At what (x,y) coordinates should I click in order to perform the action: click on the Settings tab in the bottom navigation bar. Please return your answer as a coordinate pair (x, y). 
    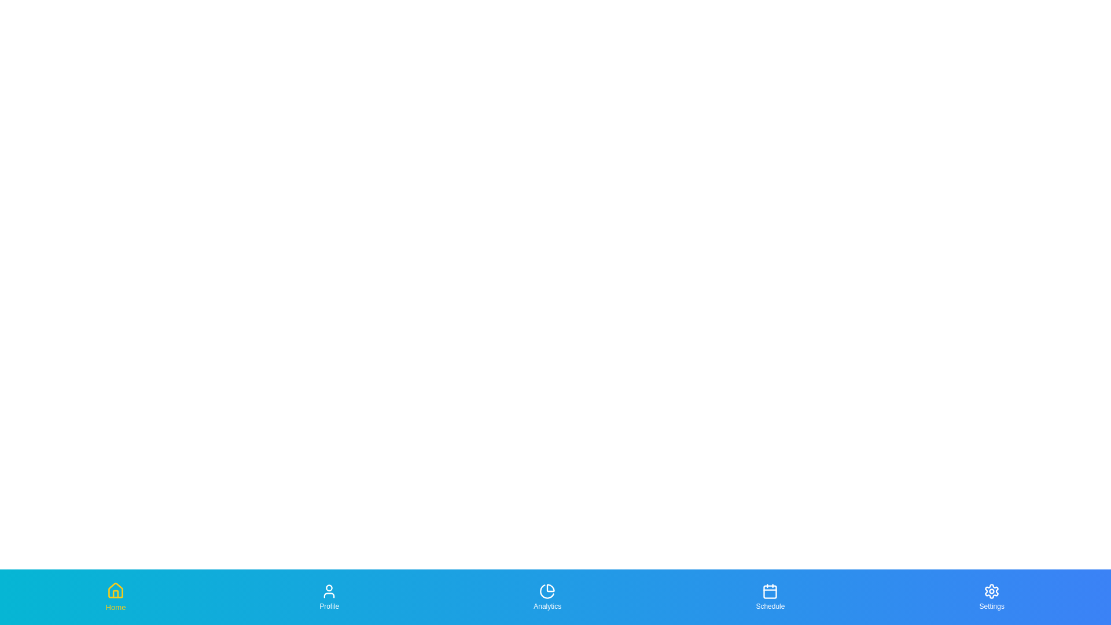
    Looking at the image, I should click on (991, 597).